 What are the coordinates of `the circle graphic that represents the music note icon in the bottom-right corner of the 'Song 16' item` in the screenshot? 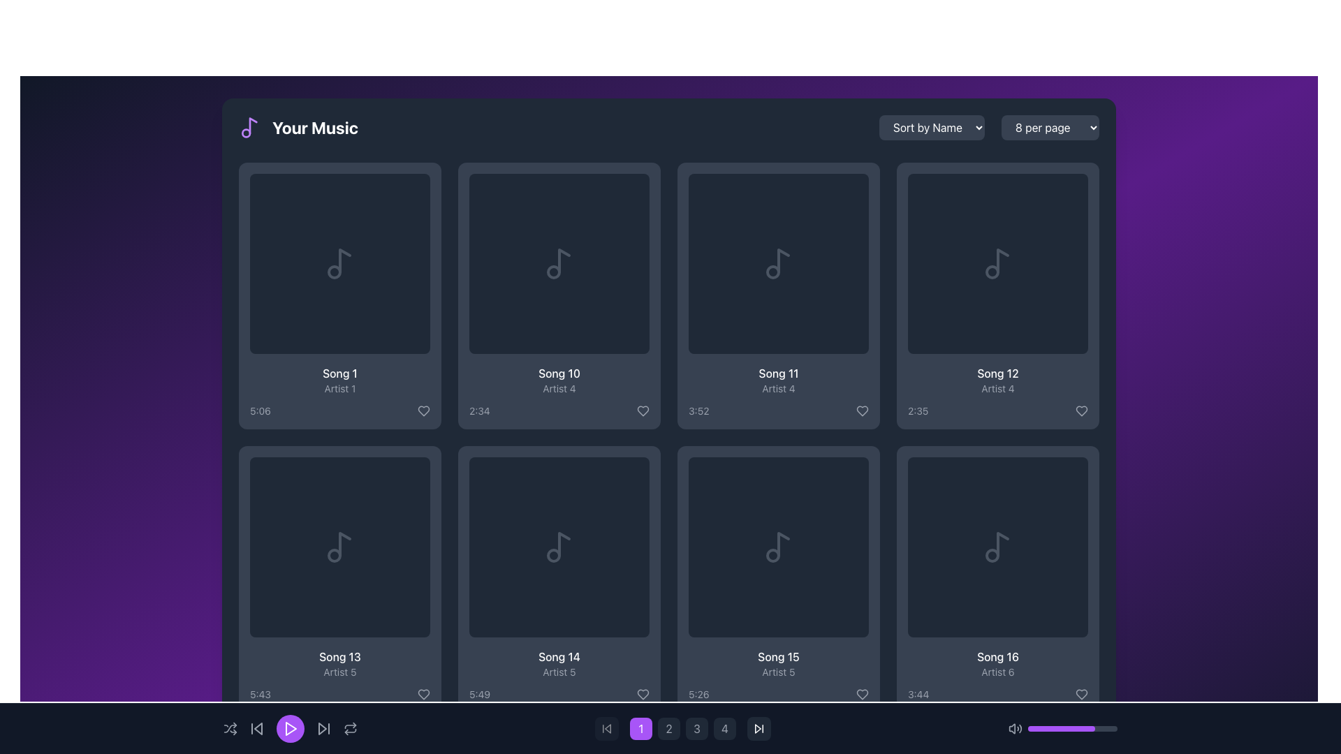 It's located at (991, 554).